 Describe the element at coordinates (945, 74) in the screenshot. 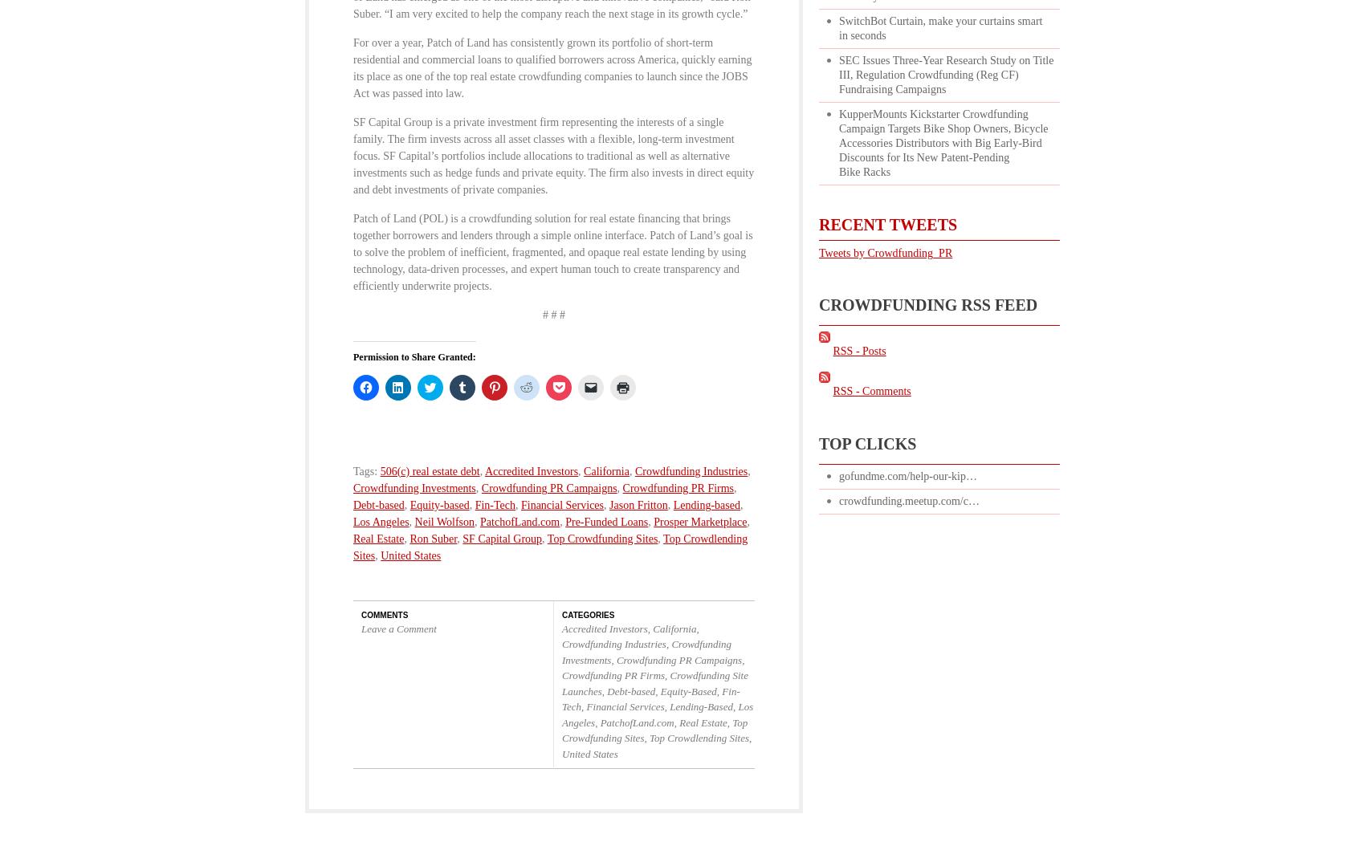

I see `'SEC Issues Three-Year Research Study on Title III, Regulation Crowdfunding (Reg CF) Fundraising Campaigns'` at that location.